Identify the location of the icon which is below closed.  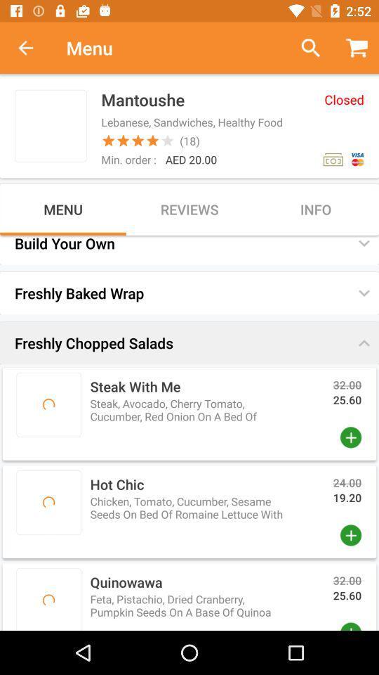
(332, 160).